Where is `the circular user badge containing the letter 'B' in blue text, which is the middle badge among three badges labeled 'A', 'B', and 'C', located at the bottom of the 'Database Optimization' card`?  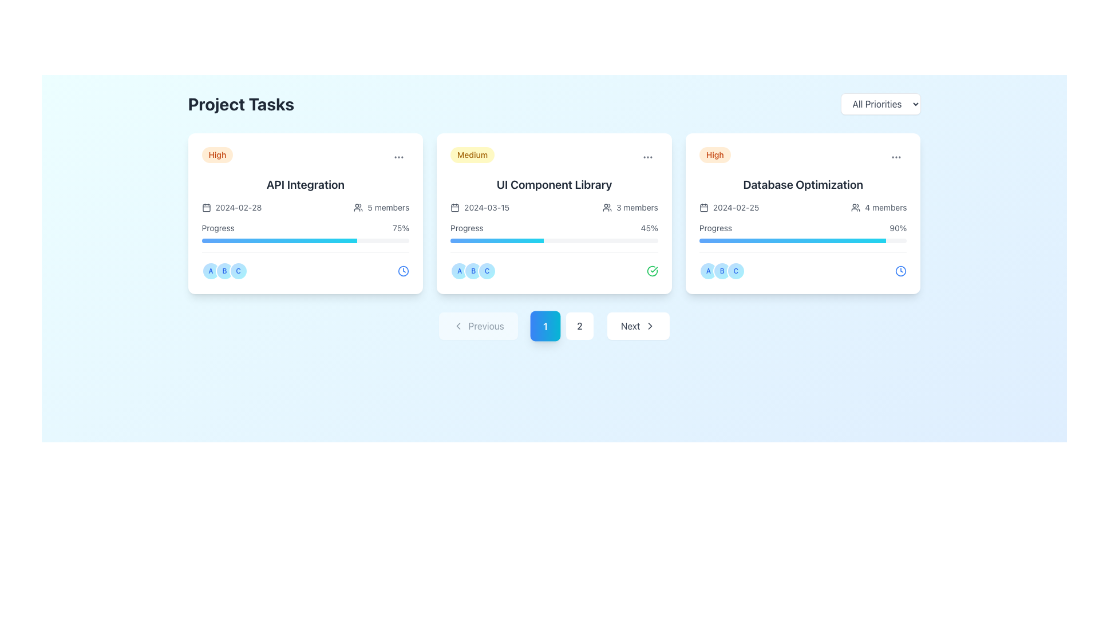
the circular user badge containing the letter 'B' in blue text, which is the middle badge among three badges labeled 'A', 'B', and 'C', located at the bottom of the 'Database Optimization' card is located at coordinates (721, 271).